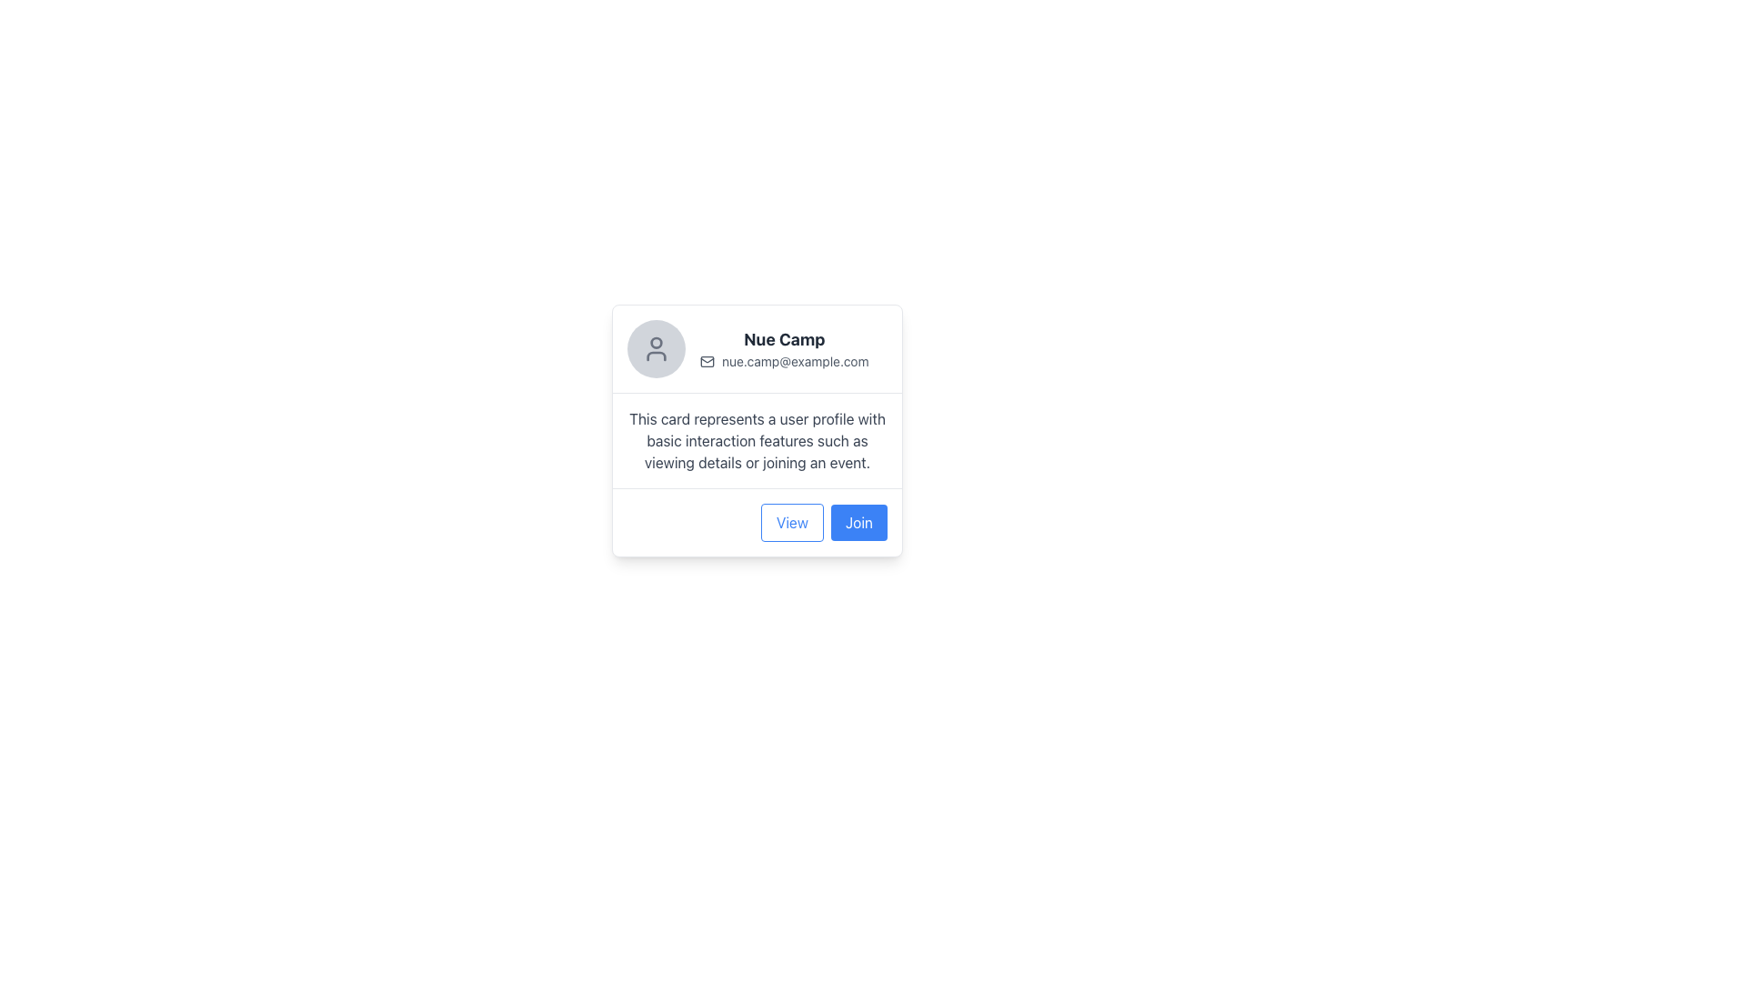 Image resolution: width=1746 pixels, height=982 pixels. What do you see at coordinates (758, 441) in the screenshot?
I see `descriptive text content located in the middle section of the user profile card, positioned below the user's name and email, and above the 'View' and 'Join' buttons` at bounding box center [758, 441].